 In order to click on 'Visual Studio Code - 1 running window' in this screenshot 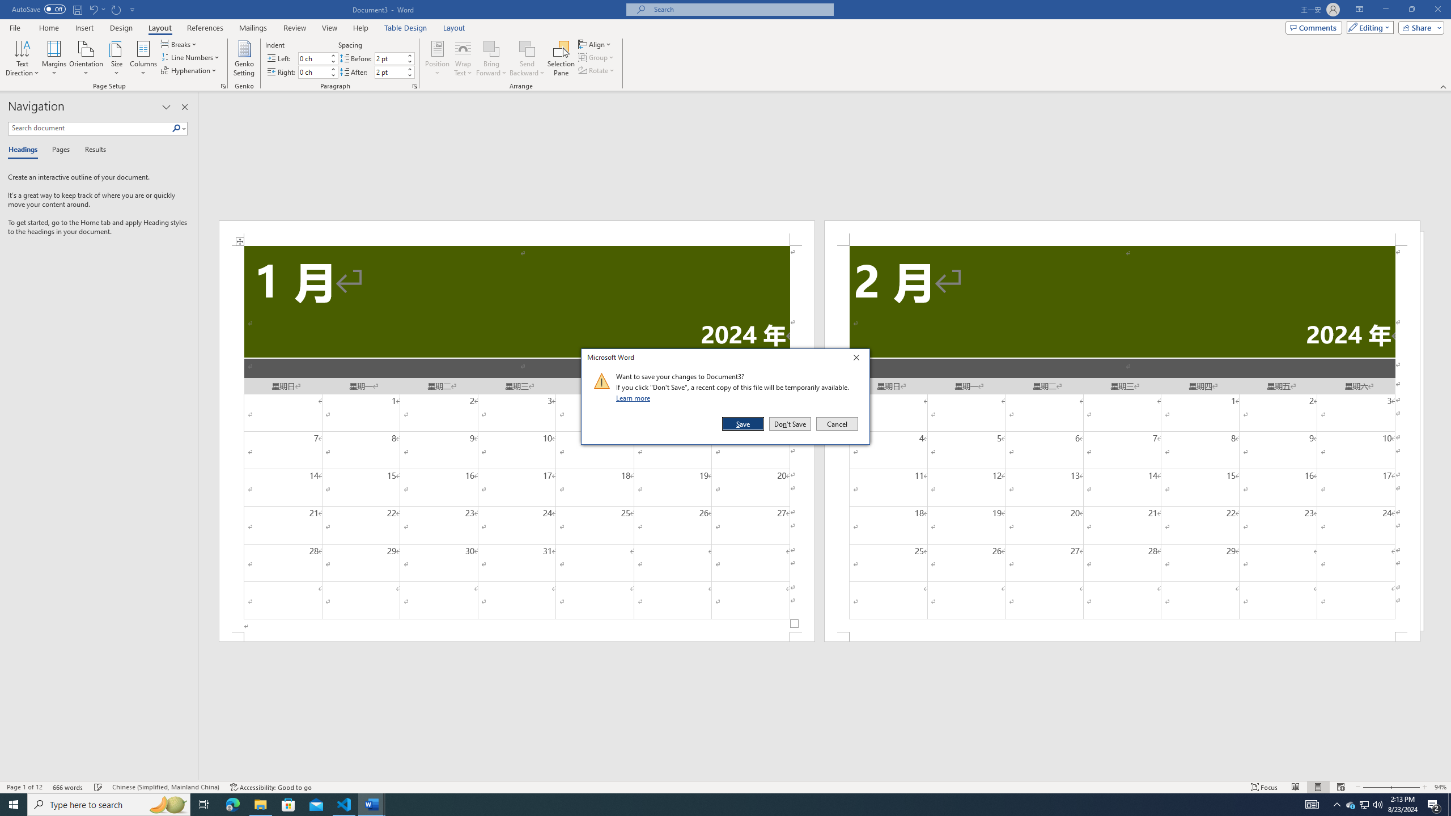, I will do `click(344, 804)`.